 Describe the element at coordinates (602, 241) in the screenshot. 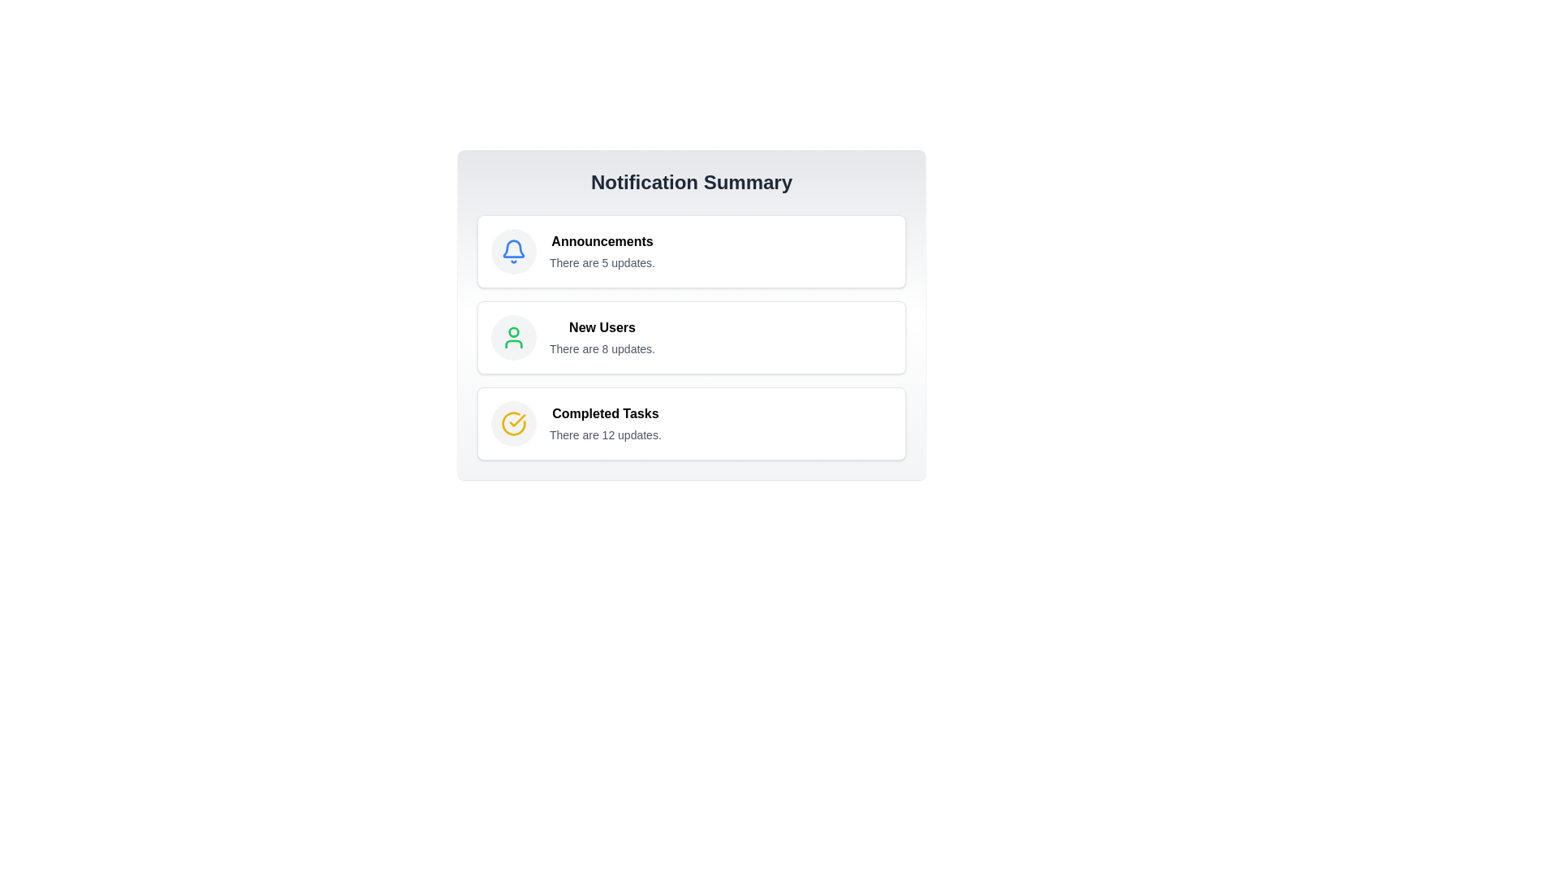

I see `the 'Announcements' label, which is a bold, black text header indicating notifications, positioned above a smaller gray text describing updates` at that location.